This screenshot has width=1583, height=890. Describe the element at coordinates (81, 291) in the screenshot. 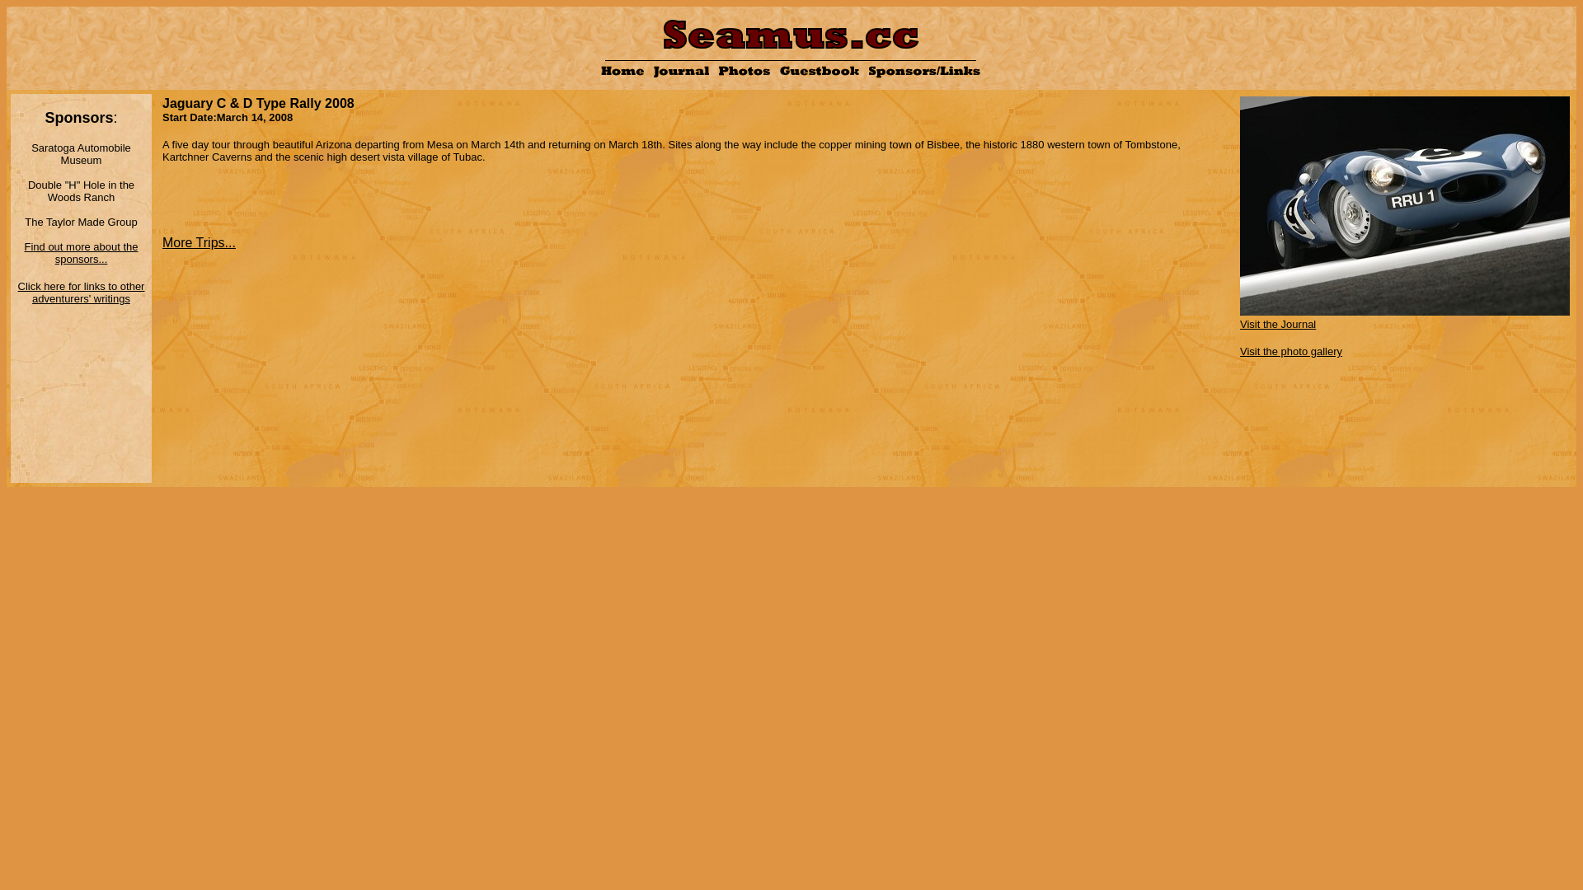

I see `'Click here for links to other adventurers' writings'` at that location.